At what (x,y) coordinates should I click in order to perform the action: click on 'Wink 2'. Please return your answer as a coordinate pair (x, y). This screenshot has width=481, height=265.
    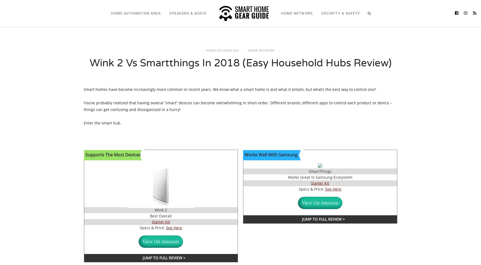
    Looking at the image, I should click on (155, 210).